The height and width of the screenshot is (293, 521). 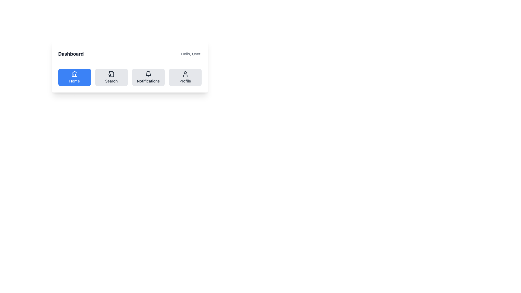 What do you see at coordinates (71, 54) in the screenshot?
I see `the 'Dashboard' title located on the left side of the header, adjacent to 'Hello, User!'` at bounding box center [71, 54].